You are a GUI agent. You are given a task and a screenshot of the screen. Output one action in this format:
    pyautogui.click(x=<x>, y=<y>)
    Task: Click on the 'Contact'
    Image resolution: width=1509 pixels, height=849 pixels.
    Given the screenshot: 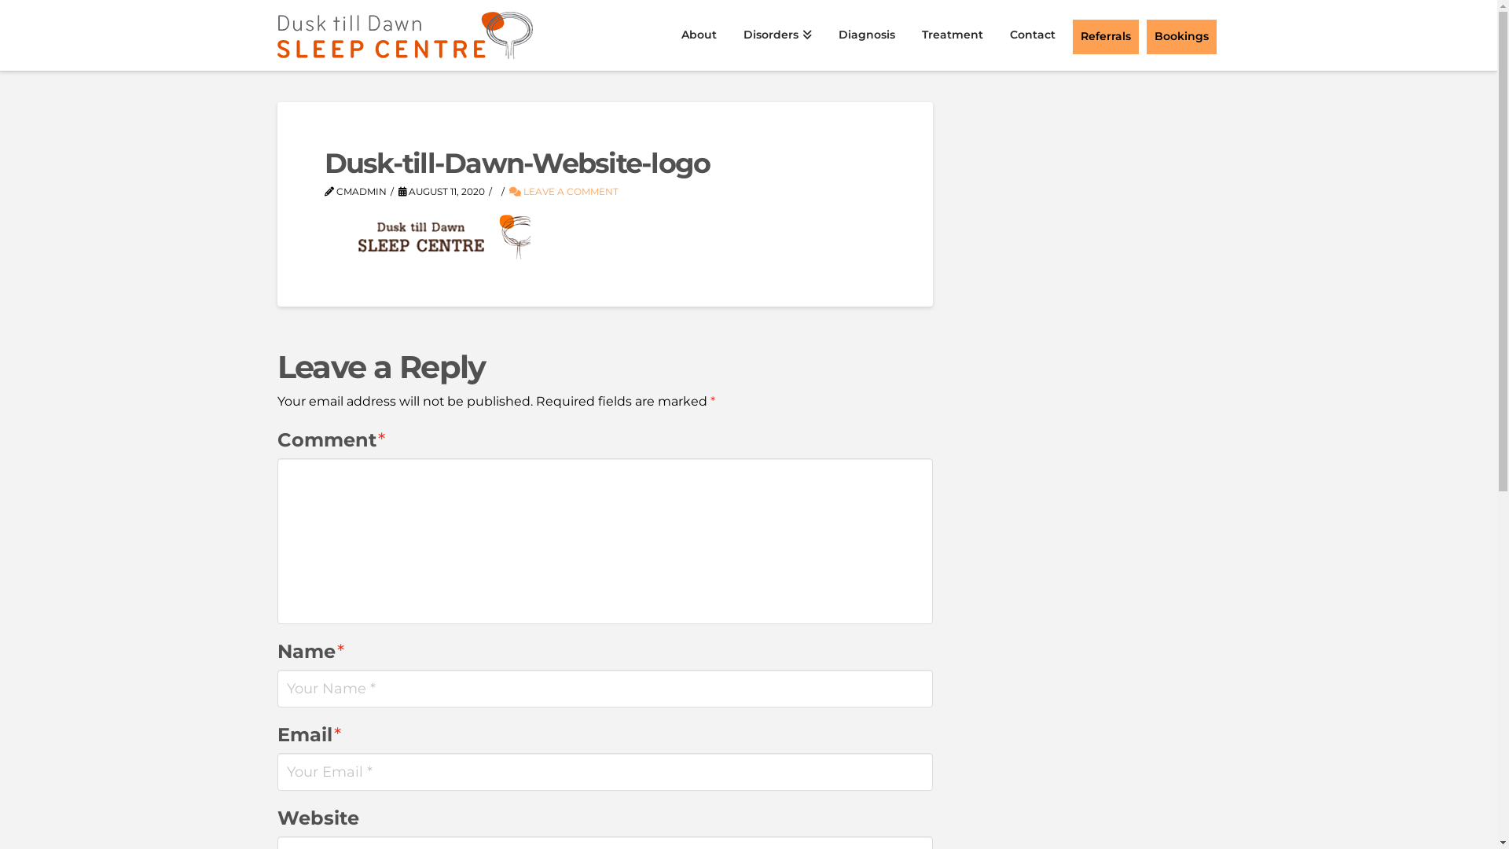 What is the action you would take?
    pyautogui.click(x=1033, y=35)
    